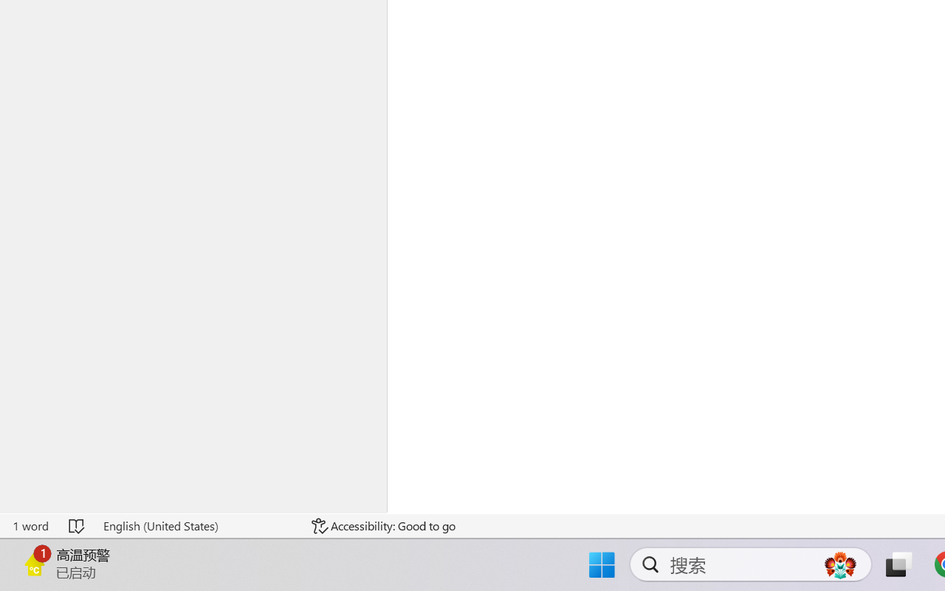 The image size is (945, 591). What do you see at coordinates (77, 525) in the screenshot?
I see `'Spelling and Grammar Check No Errors'` at bounding box center [77, 525].